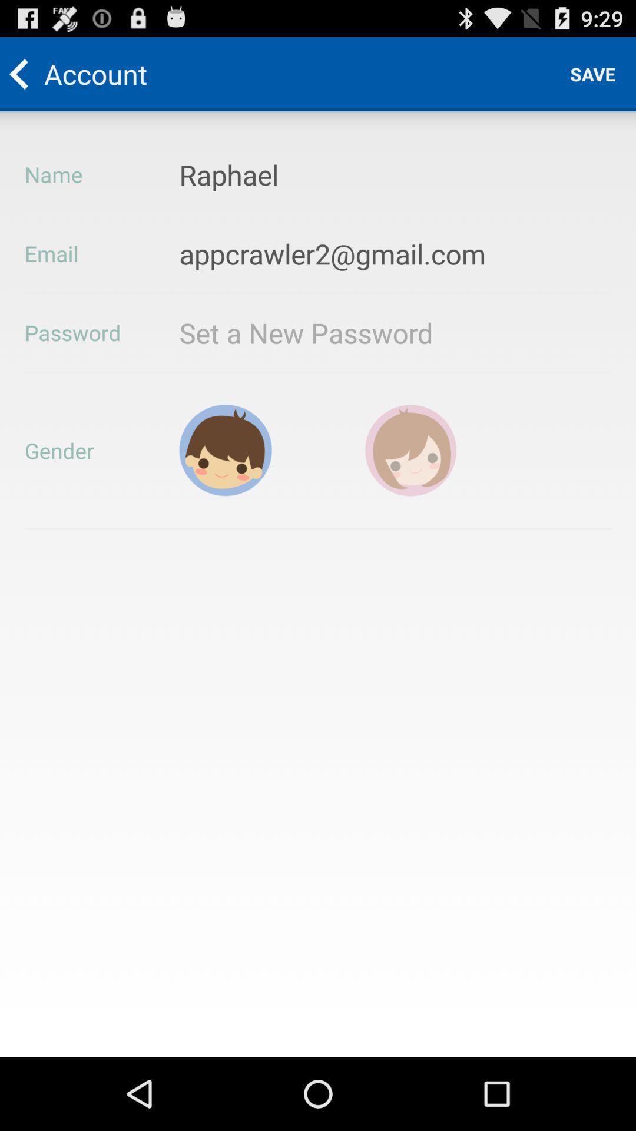 This screenshot has width=636, height=1131. I want to click on gender, so click(226, 449).